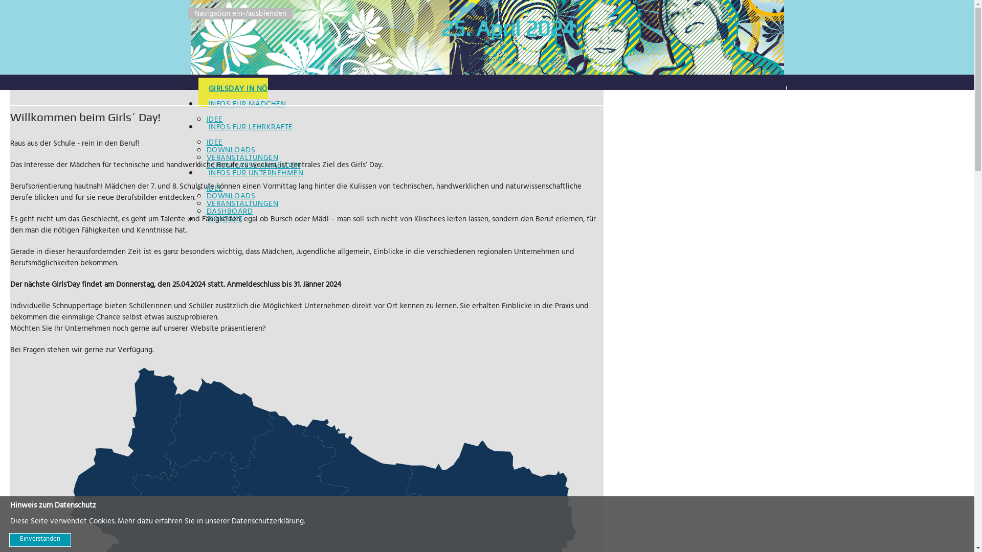  Describe the element at coordinates (214, 120) in the screenshot. I see `'IDEE'` at that location.